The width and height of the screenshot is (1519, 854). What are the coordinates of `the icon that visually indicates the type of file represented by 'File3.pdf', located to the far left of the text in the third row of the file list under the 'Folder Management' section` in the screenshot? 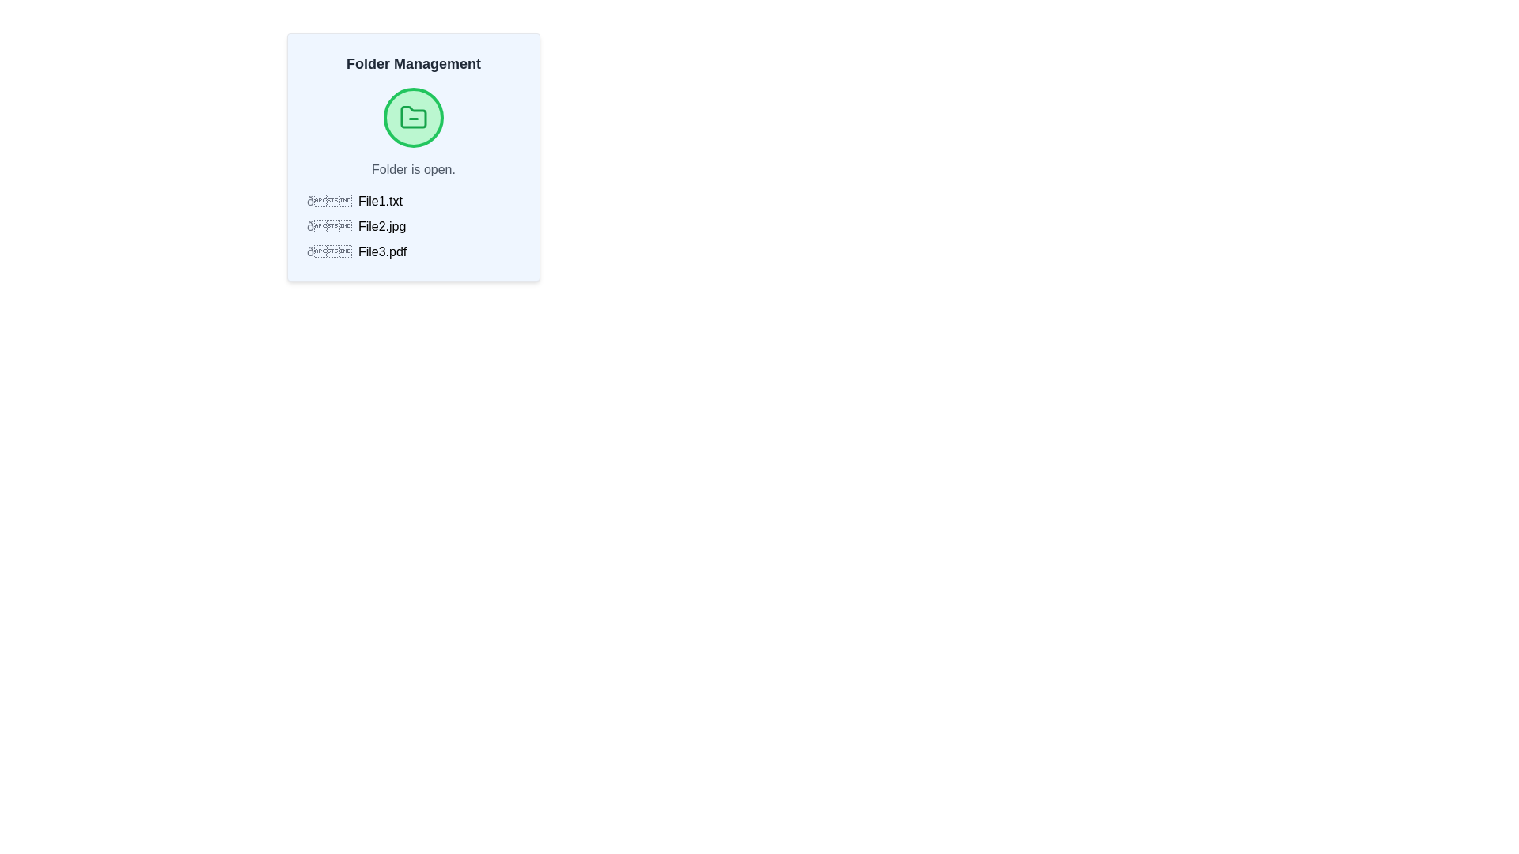 It's located at (328, 251).